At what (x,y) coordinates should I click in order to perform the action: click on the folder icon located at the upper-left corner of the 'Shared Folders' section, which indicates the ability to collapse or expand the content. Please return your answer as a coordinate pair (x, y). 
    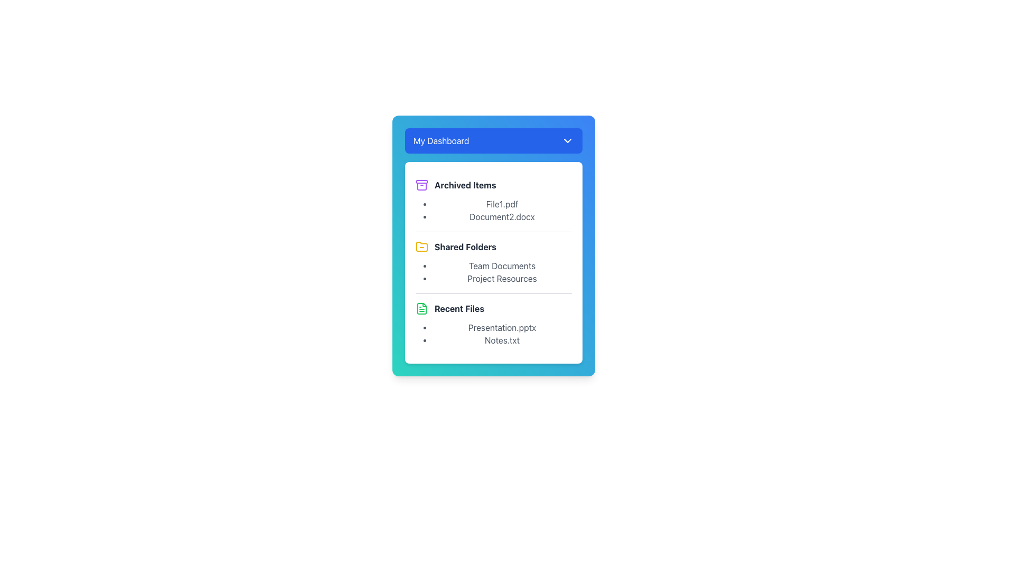
    Looking at the image, I should click on (421, 246).